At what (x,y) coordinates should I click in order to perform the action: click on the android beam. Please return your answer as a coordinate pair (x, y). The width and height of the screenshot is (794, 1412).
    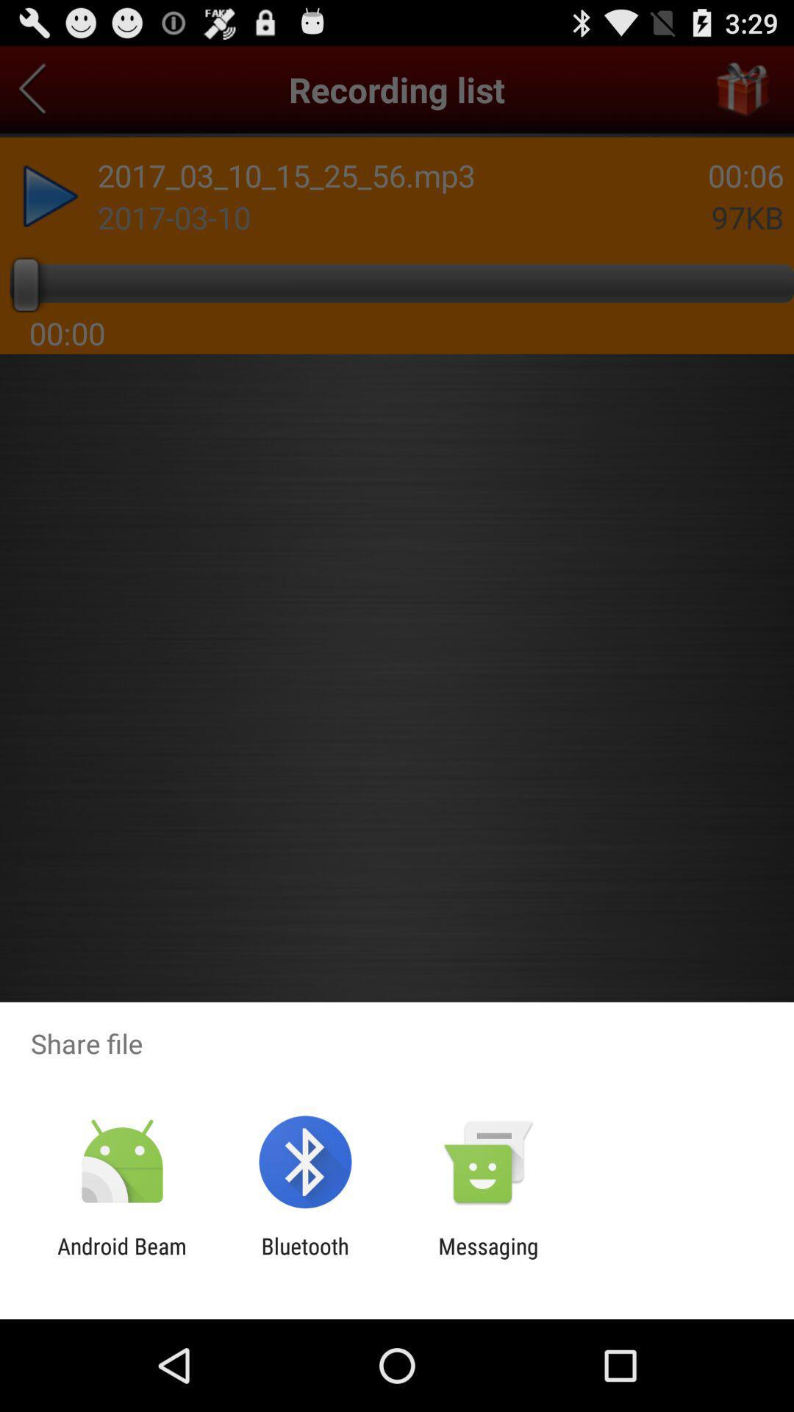
    Looking at the image, I should click on (121, 1258).